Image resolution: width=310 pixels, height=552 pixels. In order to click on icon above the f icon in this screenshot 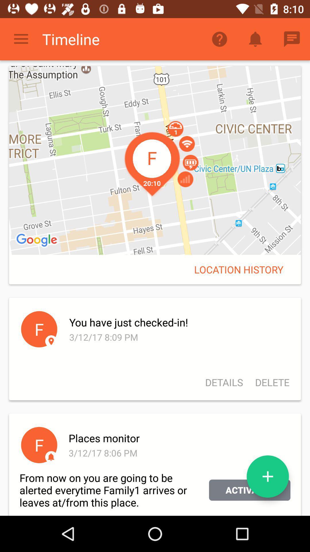, I will do `click(38, 240)`.